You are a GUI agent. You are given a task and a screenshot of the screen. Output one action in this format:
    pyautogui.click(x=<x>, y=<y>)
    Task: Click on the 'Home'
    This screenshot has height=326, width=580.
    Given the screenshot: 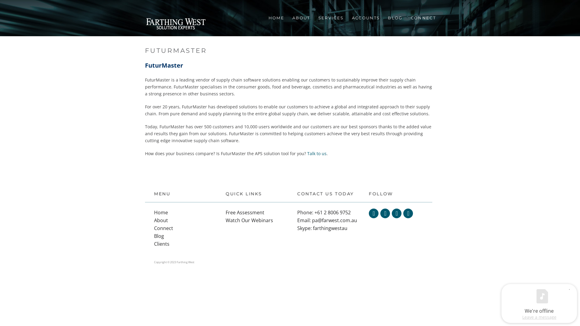 What is the action you would take?
    pyautogui.click(x=154, y=212)
    